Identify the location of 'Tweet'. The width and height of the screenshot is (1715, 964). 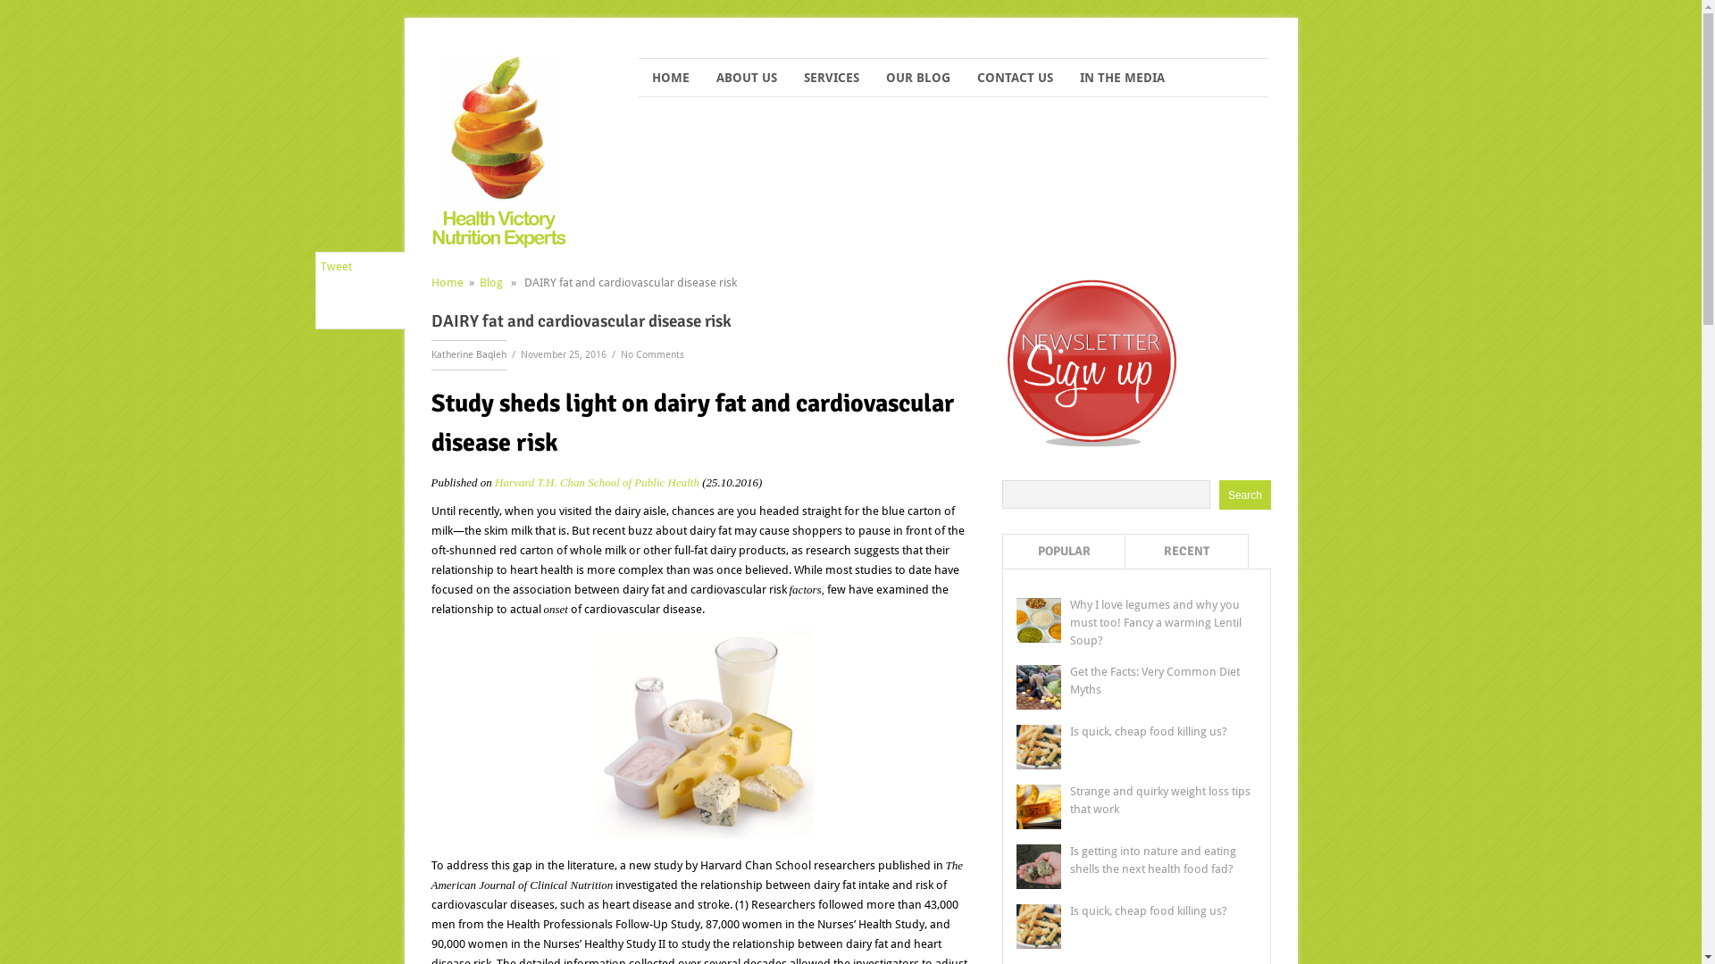
(335, 266).